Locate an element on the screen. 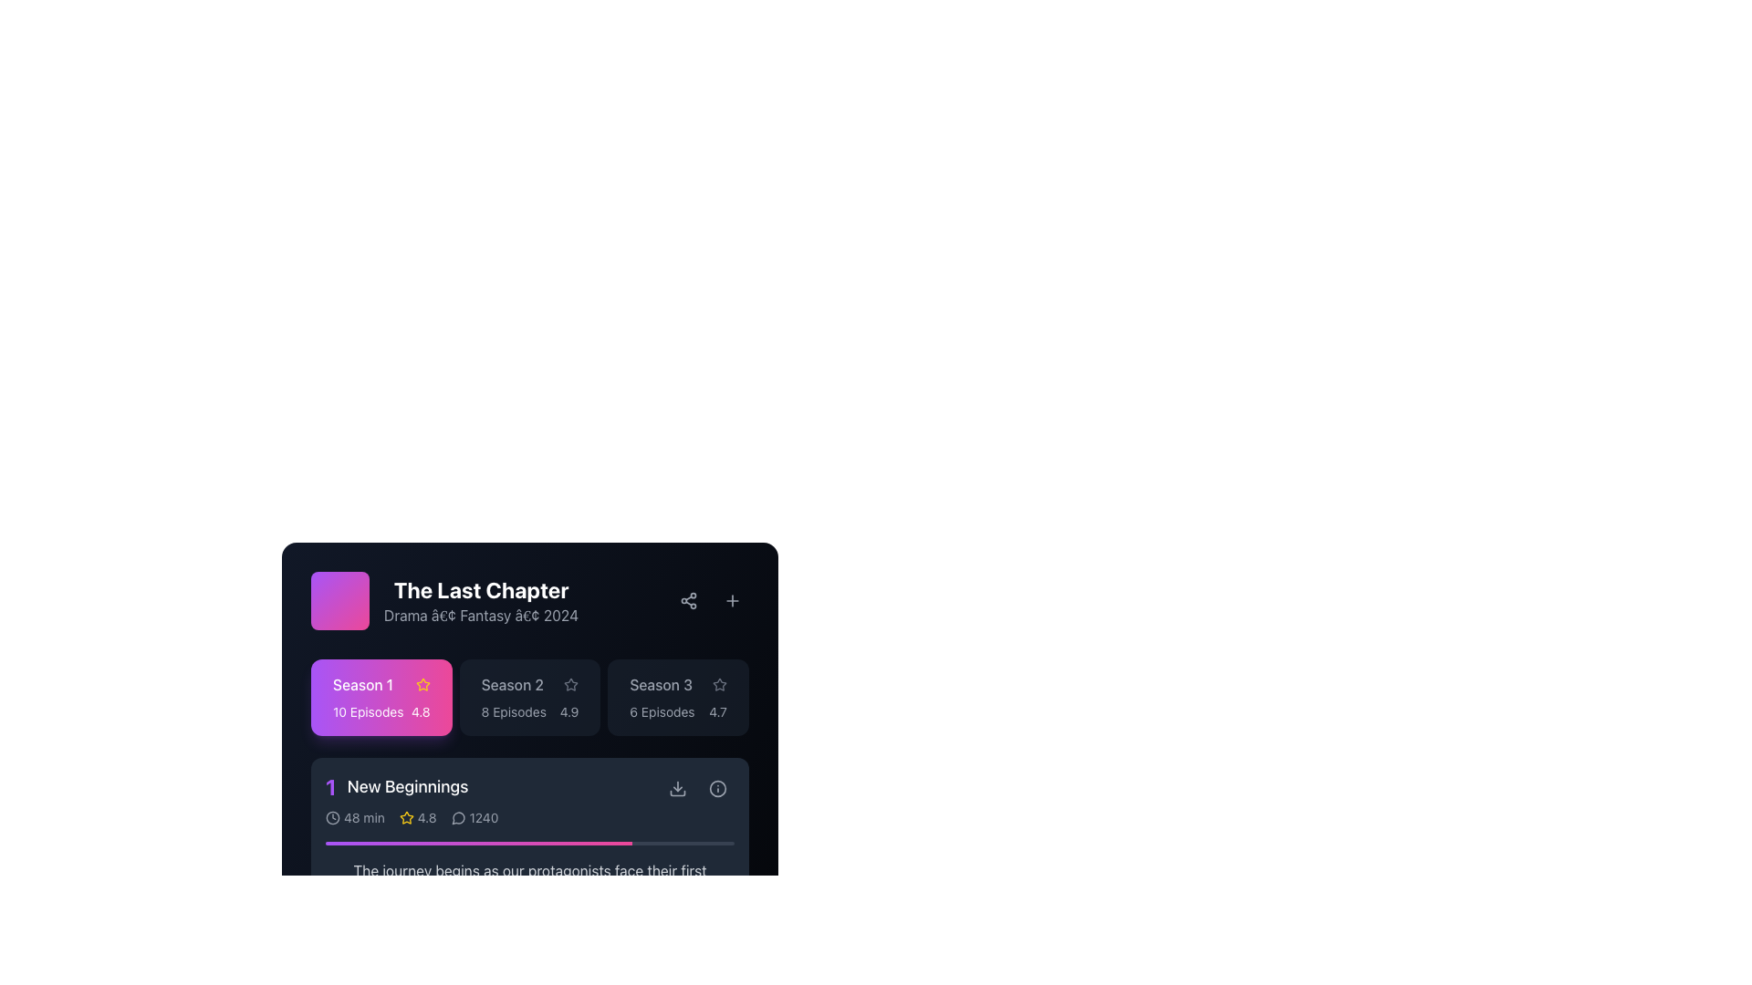 The width and height of the screenshot is (1752, 985). the bold stylized numeral '1' in vivid purple color, which is displayed on the left side of the phrase '1 New Beginnings' is located at coordinates (330, 786).